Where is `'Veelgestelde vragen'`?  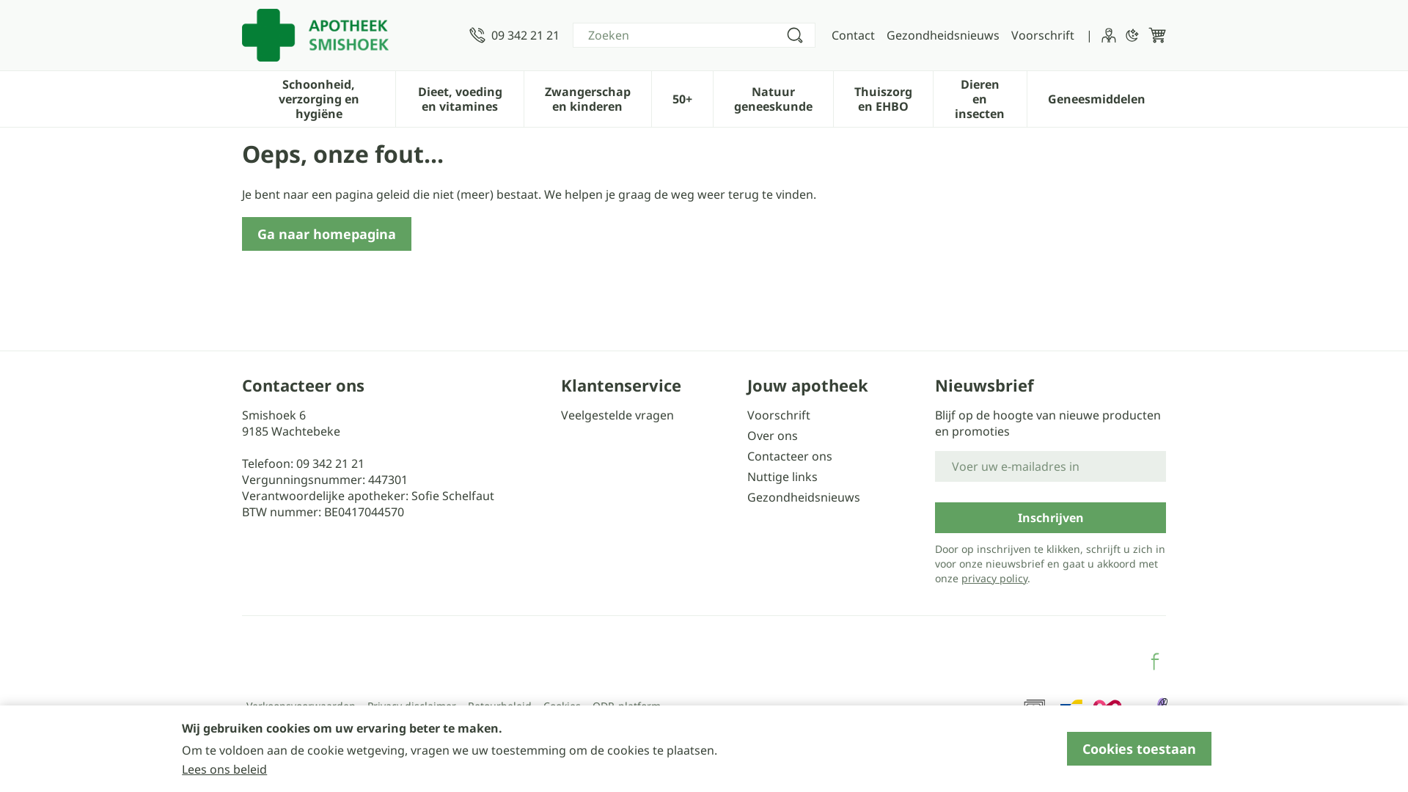
'Veelgestelde vragen' is located at coordinates (648, 415).